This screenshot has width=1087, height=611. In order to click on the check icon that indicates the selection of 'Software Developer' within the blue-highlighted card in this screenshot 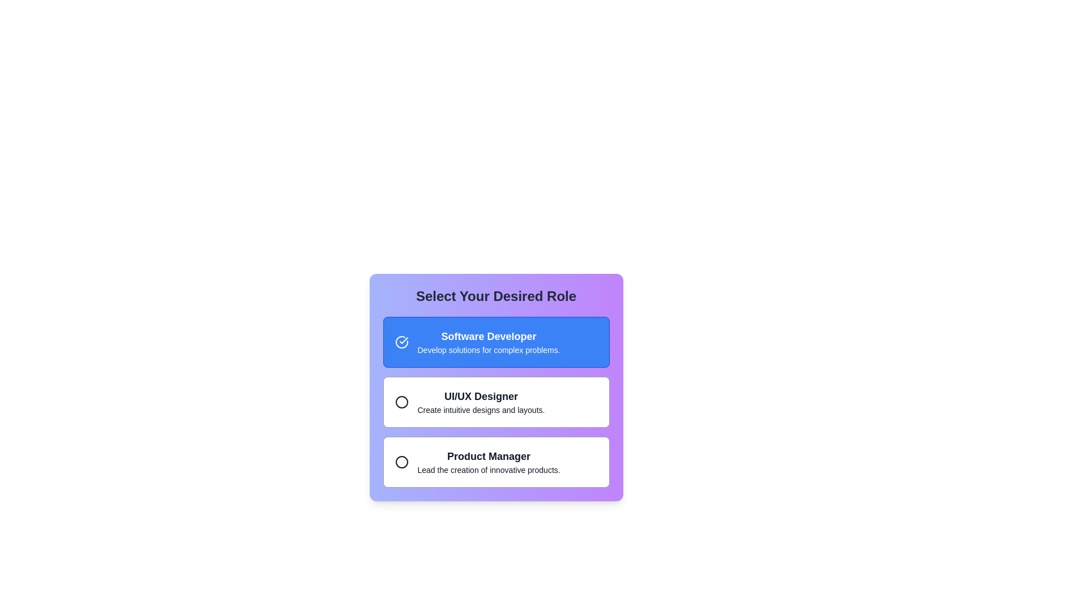, I will do `click(404, 339)`.